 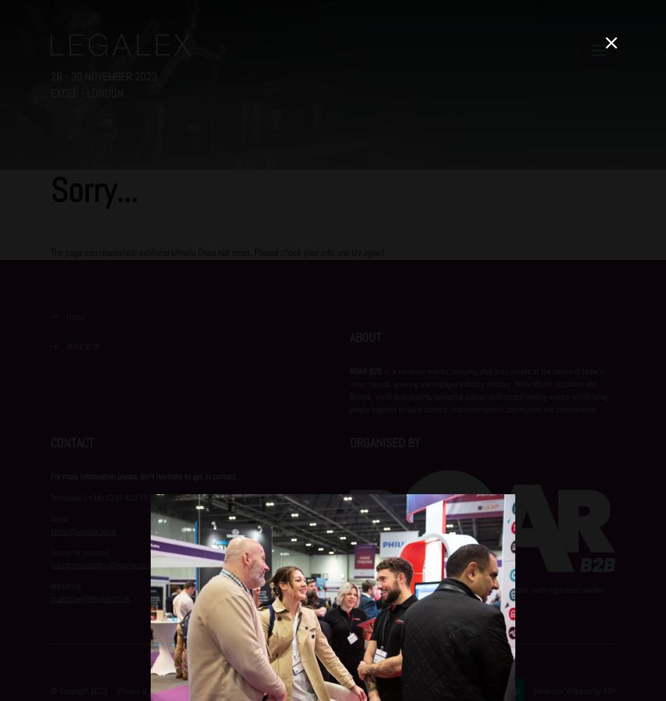 What do you see at coordinates (144, 476) in the screenshot?
I see `'For more information please don't hesitate to get in contact.'` at bounding box center [144, 476].